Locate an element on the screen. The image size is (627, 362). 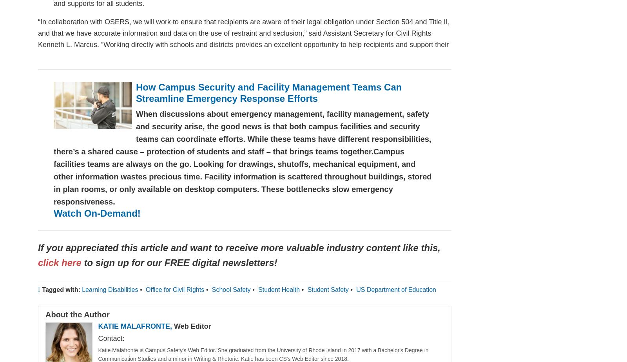
'School Safety' is located at coordinates (230, 289).